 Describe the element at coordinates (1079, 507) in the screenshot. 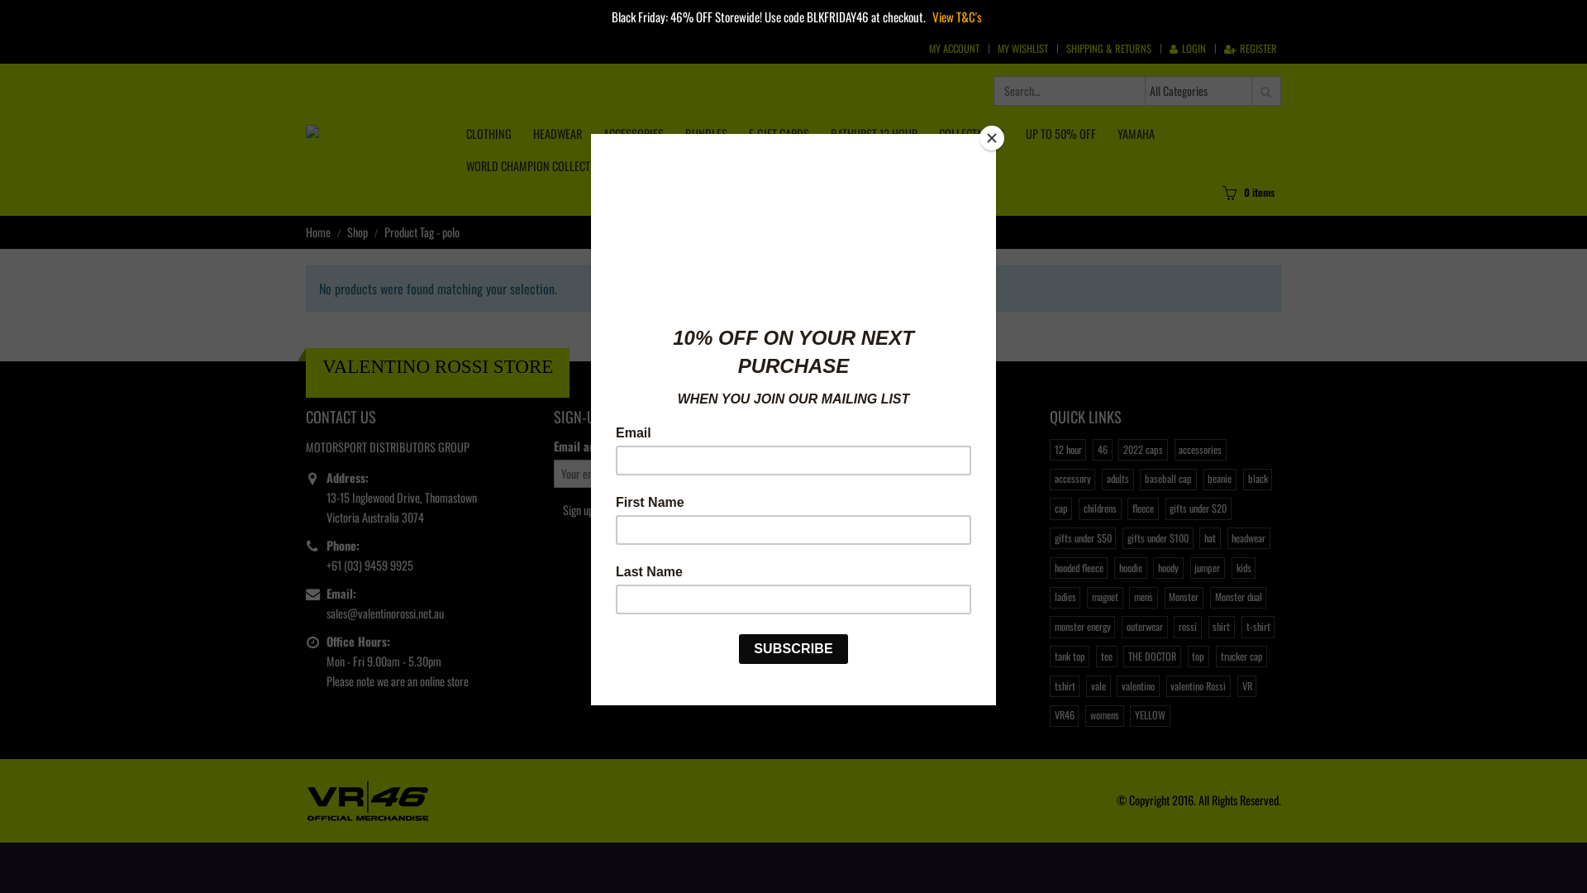

I see `'childrens'` at that location.